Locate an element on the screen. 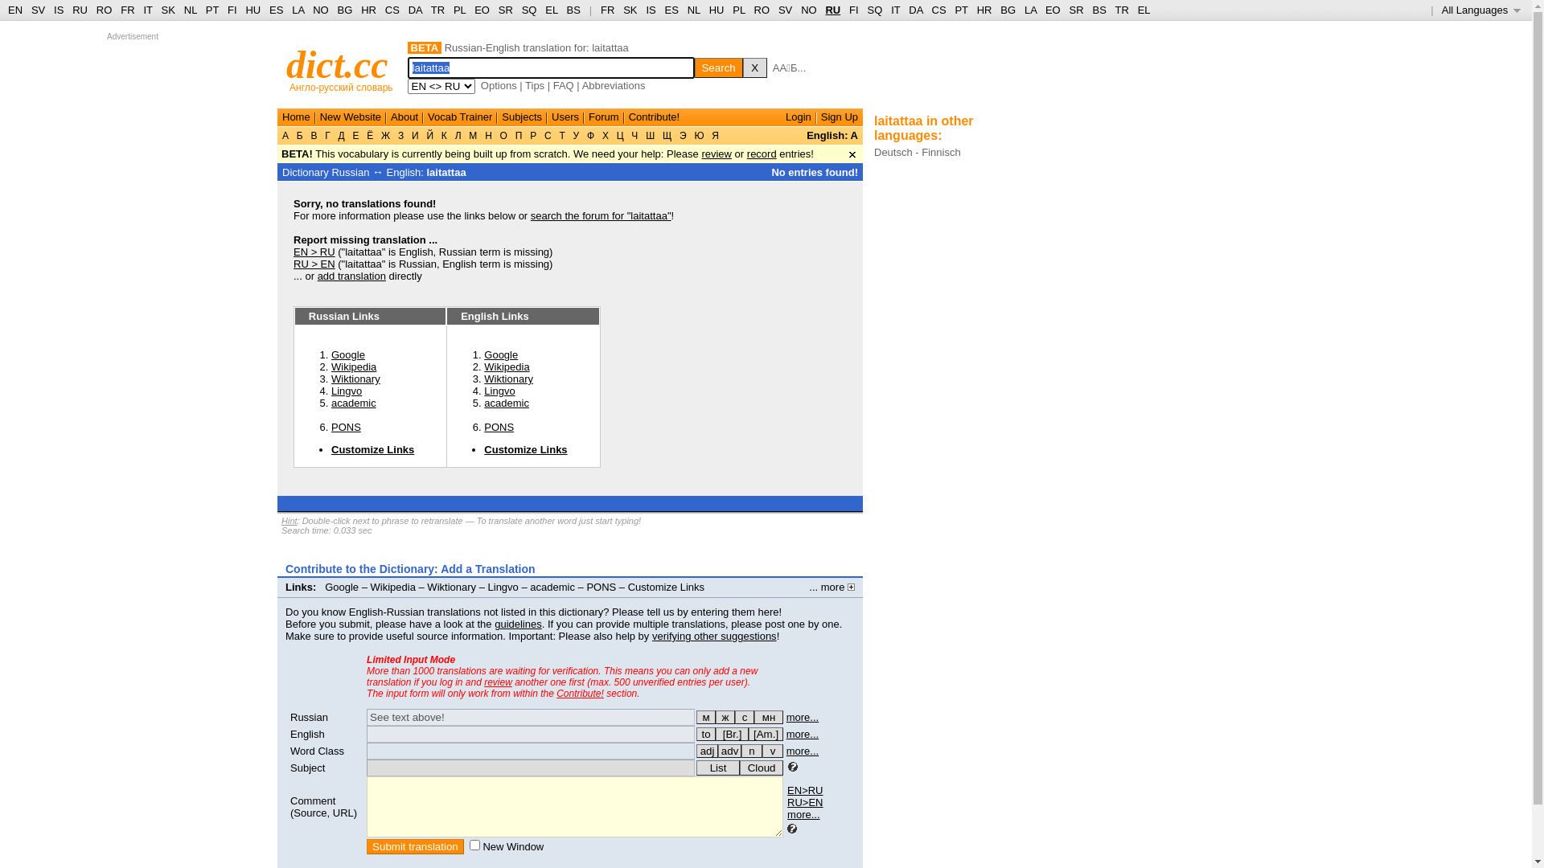 This screenshot has width=1544, height=868. 'Sign Up' is located at coordinates (821, 116).